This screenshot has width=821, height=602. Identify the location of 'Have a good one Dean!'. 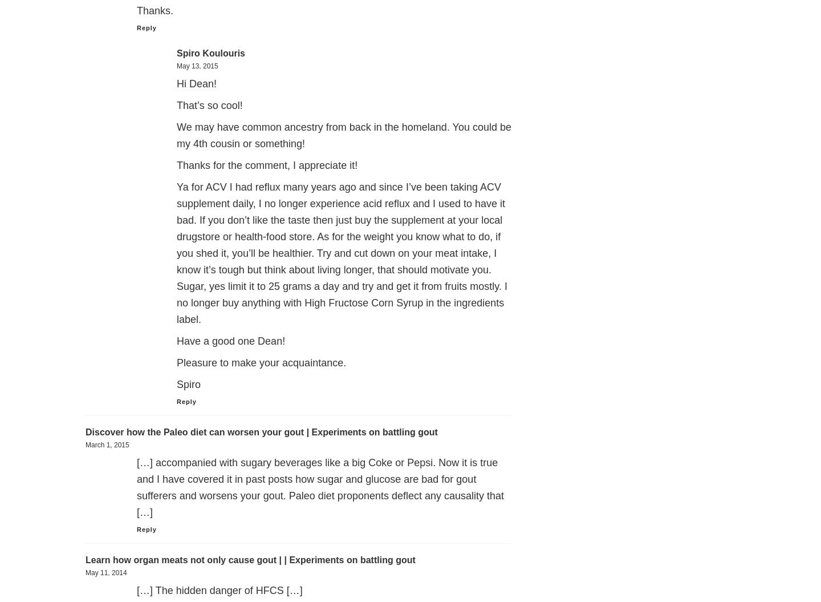
(230, 341).